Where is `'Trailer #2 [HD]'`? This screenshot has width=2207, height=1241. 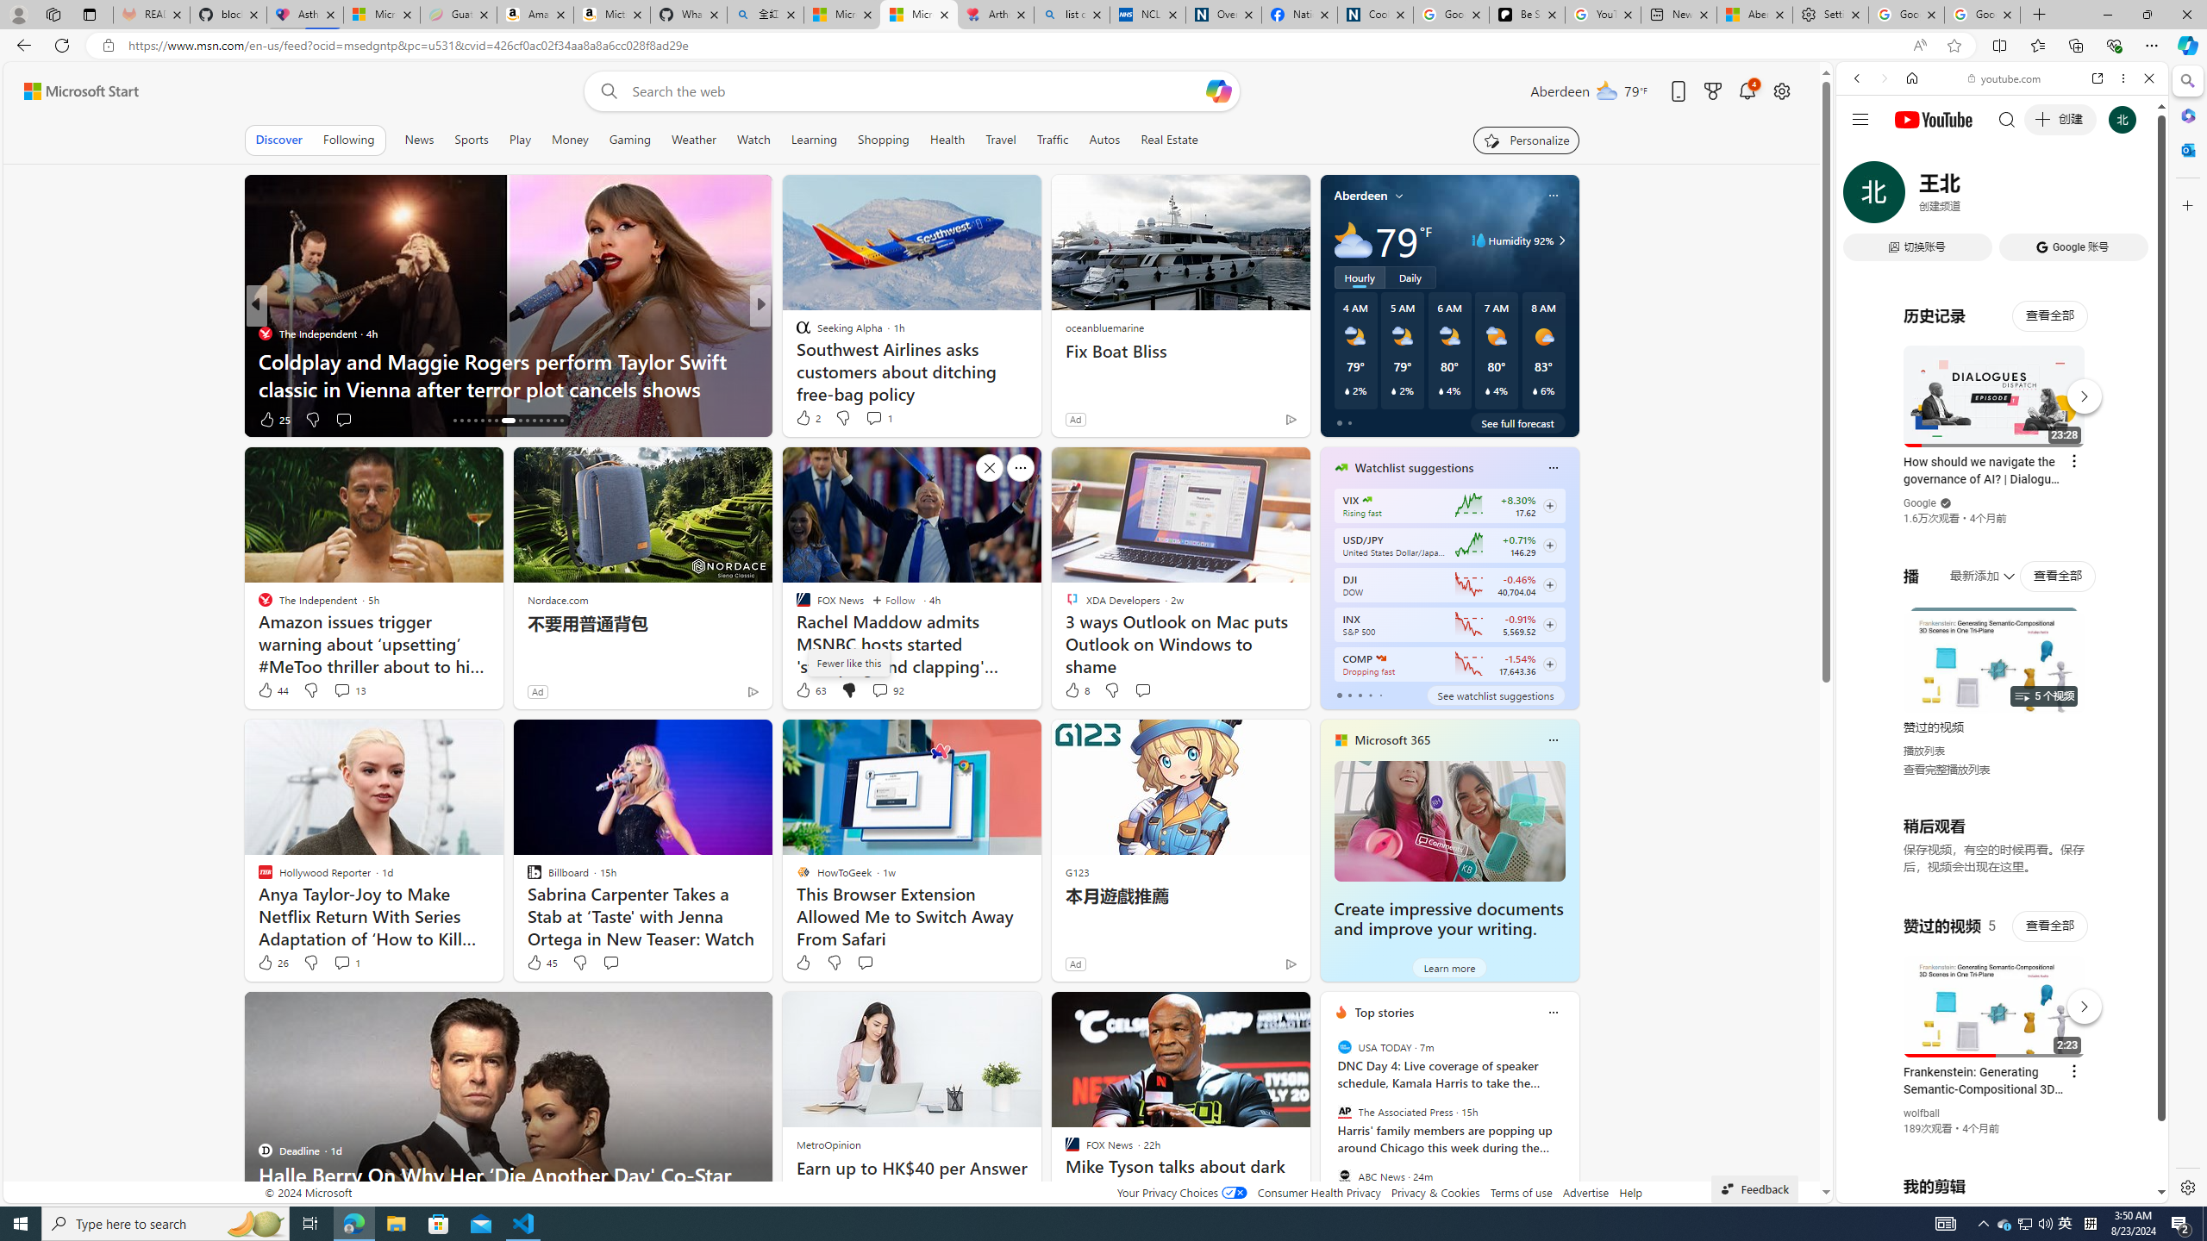
'Trailer #2 [HD]' is located at coordinates (2000, 511).